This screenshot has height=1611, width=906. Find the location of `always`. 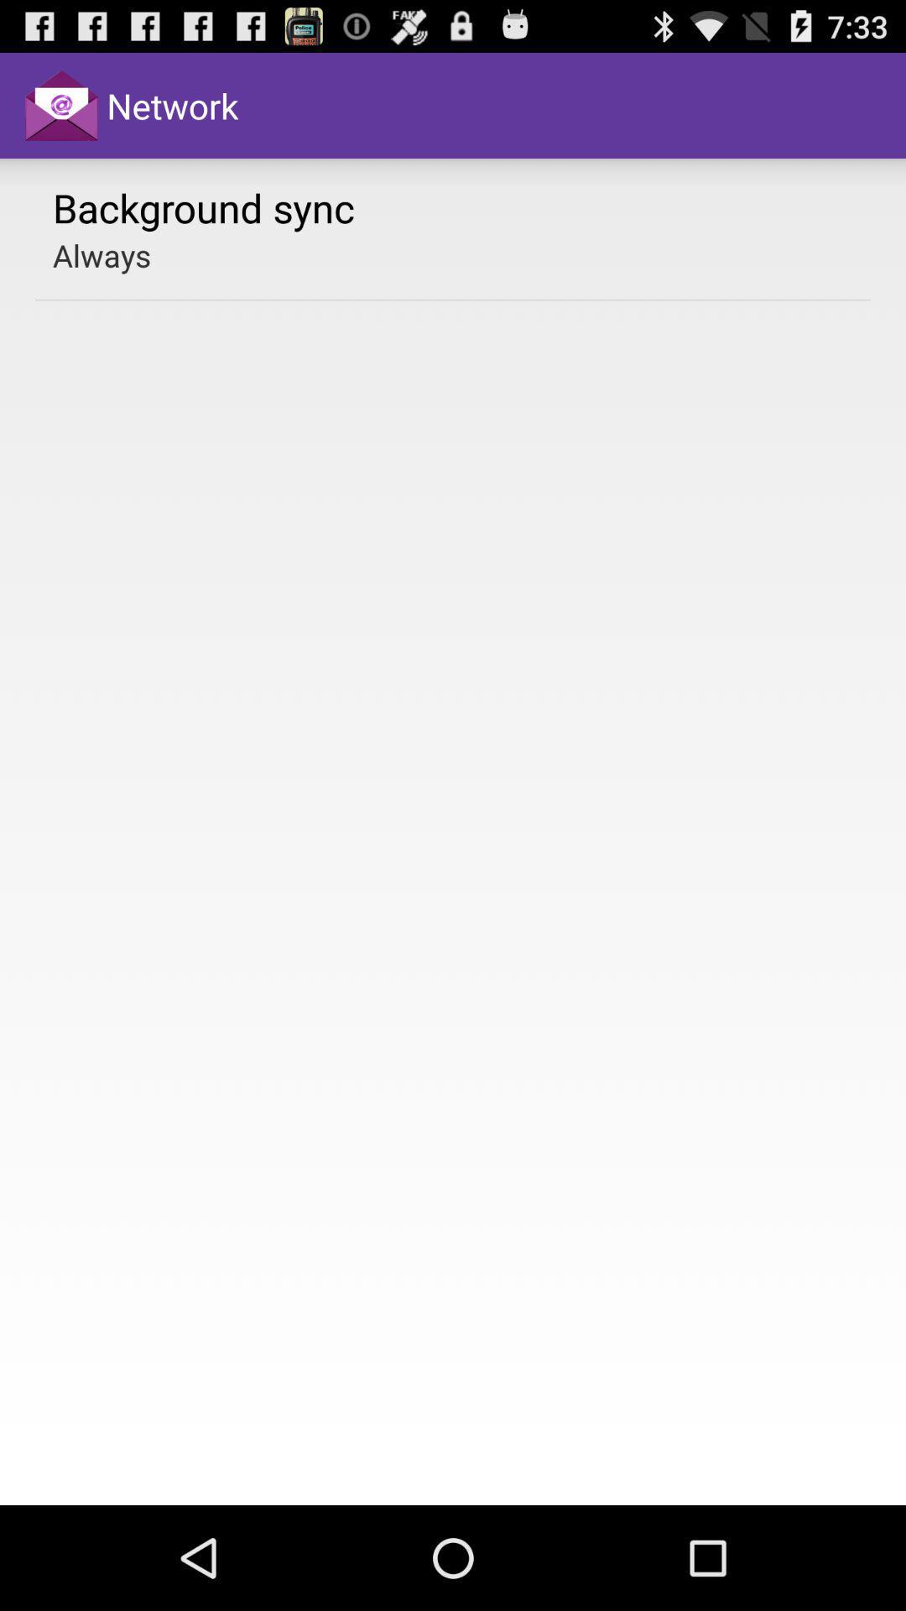

always is located at coordinates (102, 254).